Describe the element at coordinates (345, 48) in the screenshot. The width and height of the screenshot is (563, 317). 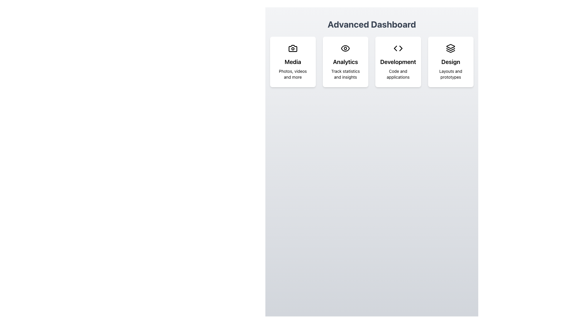
I see `the eye icon located at the upper central region of the 'Analytics' card, which is the second card from the left in a row of four cards` at that location.